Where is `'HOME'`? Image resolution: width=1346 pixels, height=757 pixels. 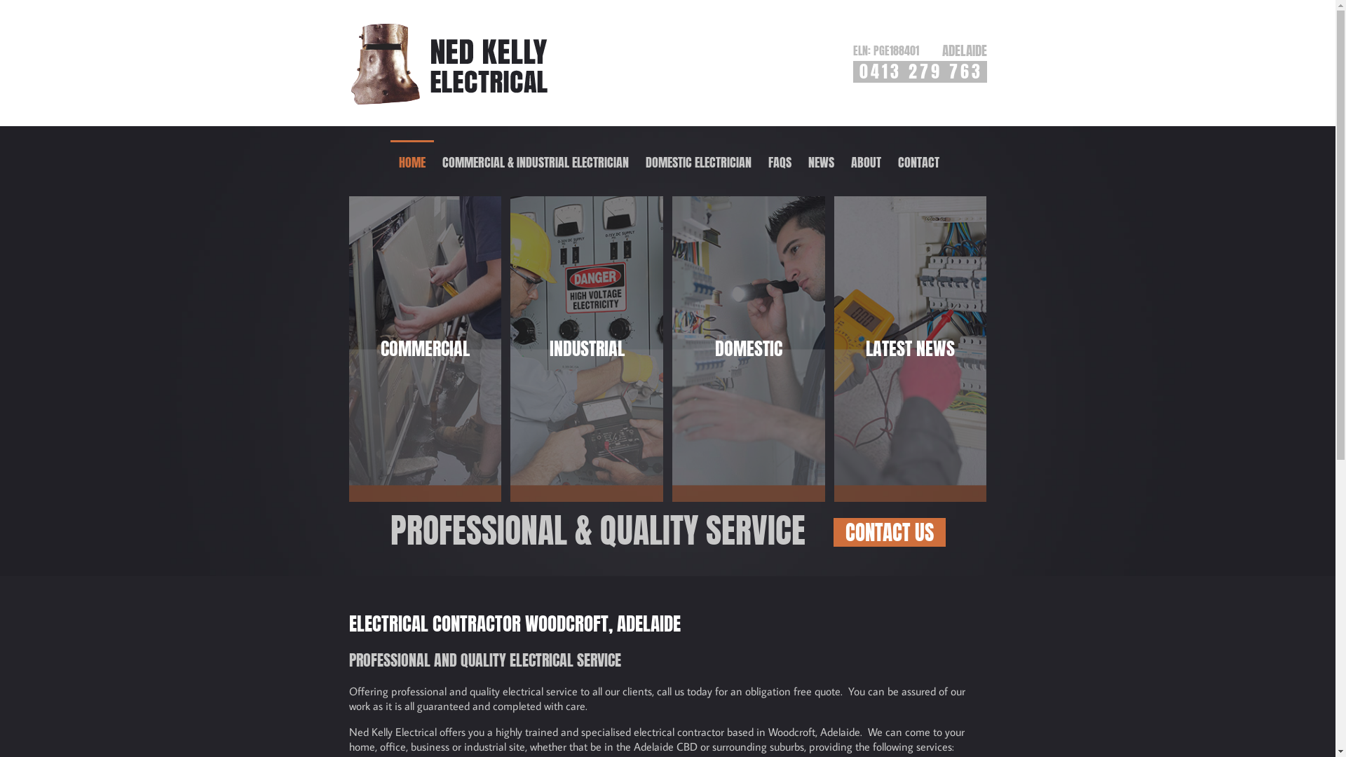 'HOME' is located at coordinates (390, 161).